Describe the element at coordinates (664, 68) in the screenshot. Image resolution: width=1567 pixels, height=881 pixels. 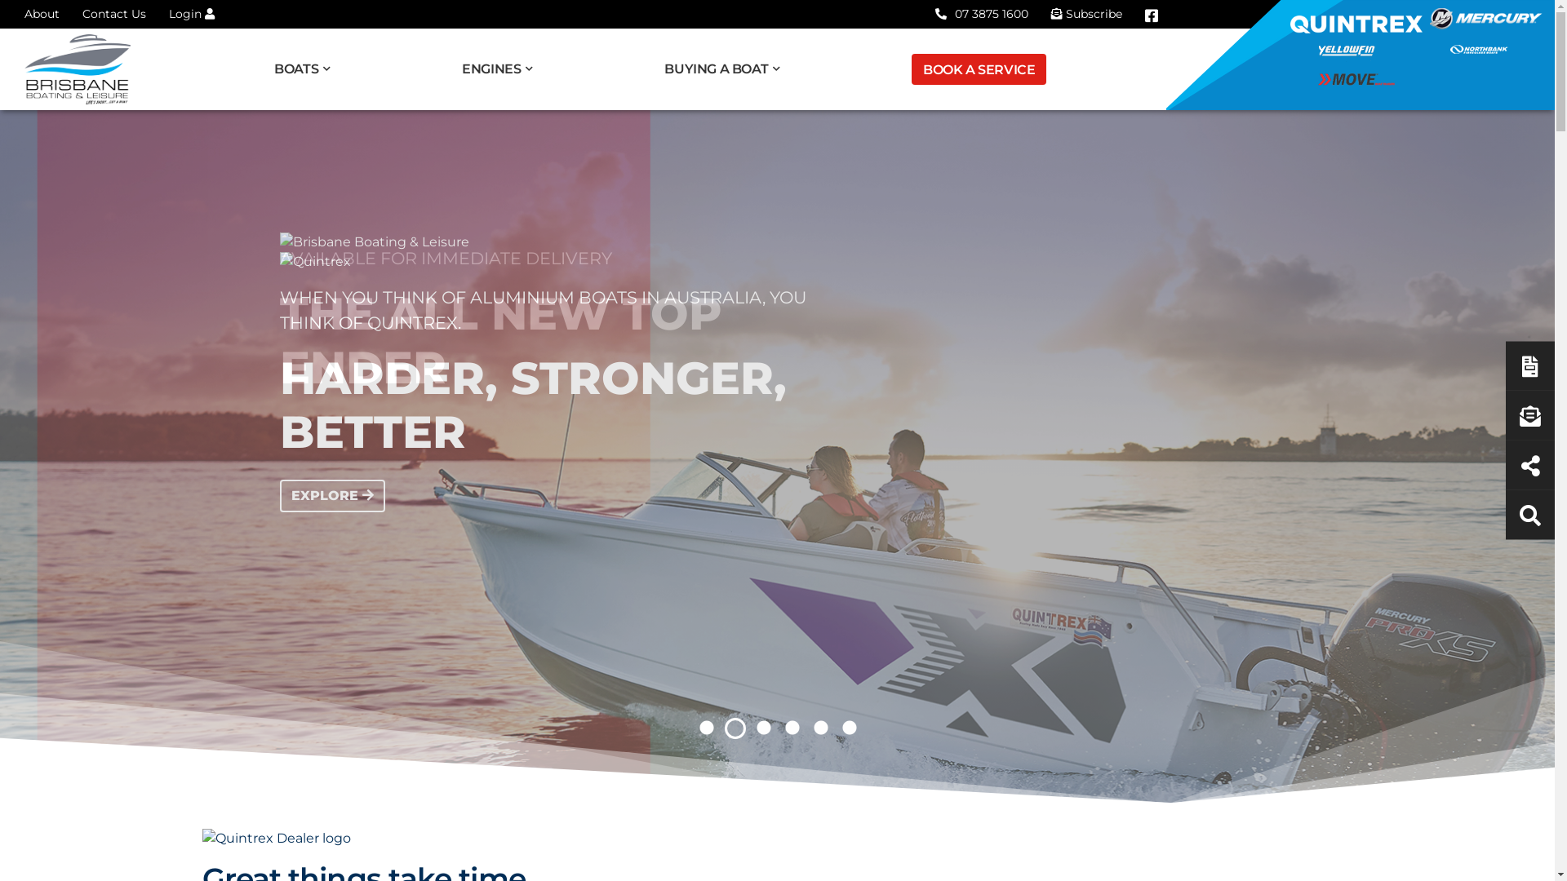
I see `'BUYING A BOAT'` at that location.